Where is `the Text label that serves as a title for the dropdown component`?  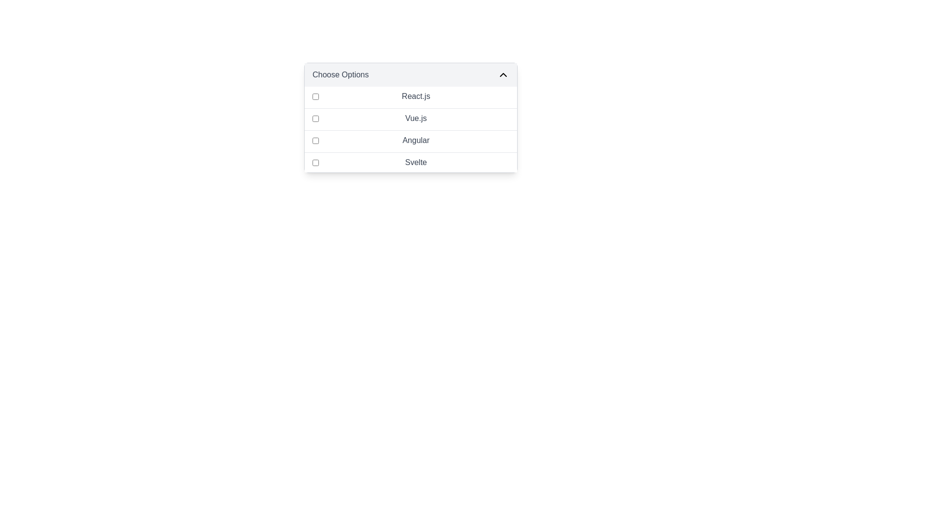
the Text label that serves as a title for the dropdown component is located at coordinates (340, 74).